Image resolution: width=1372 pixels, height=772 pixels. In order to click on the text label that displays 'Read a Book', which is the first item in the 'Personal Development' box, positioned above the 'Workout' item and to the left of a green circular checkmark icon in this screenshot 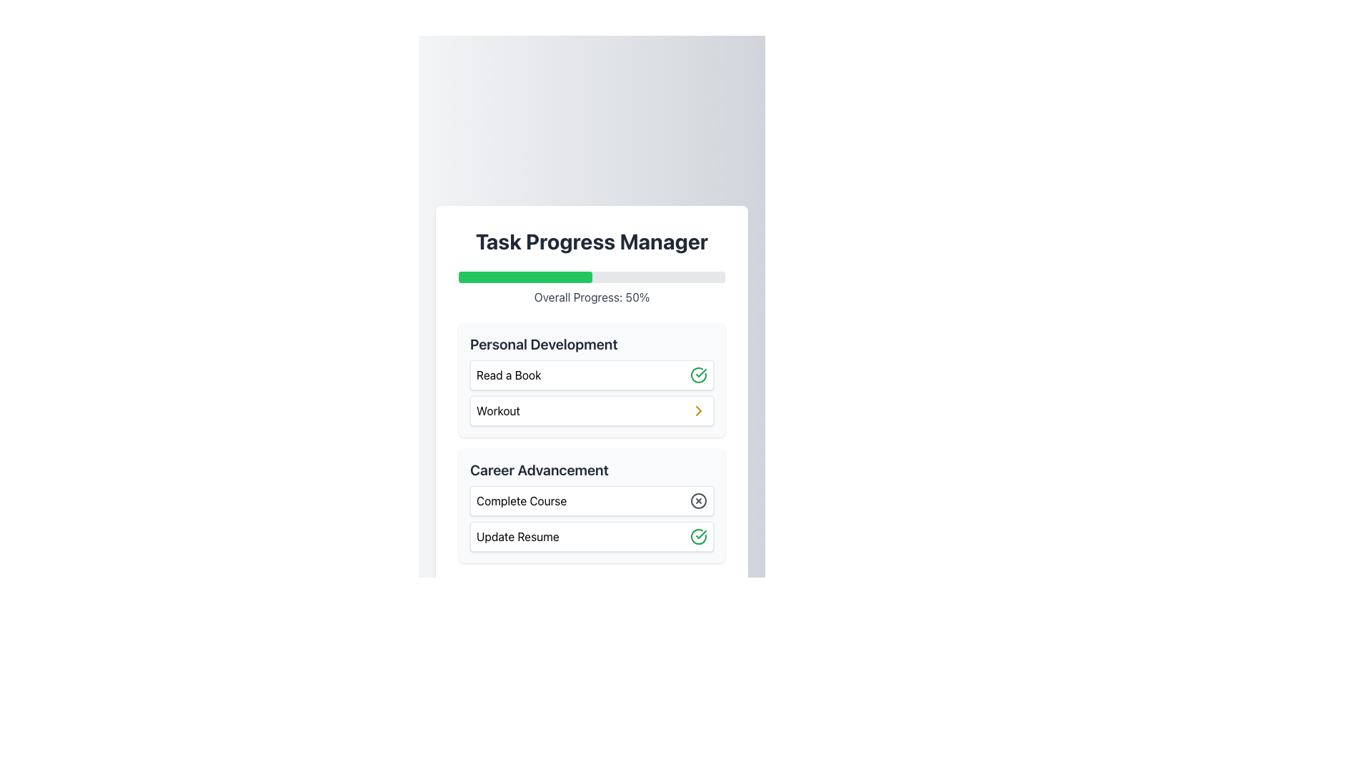, I will do `click(509, 374)`.